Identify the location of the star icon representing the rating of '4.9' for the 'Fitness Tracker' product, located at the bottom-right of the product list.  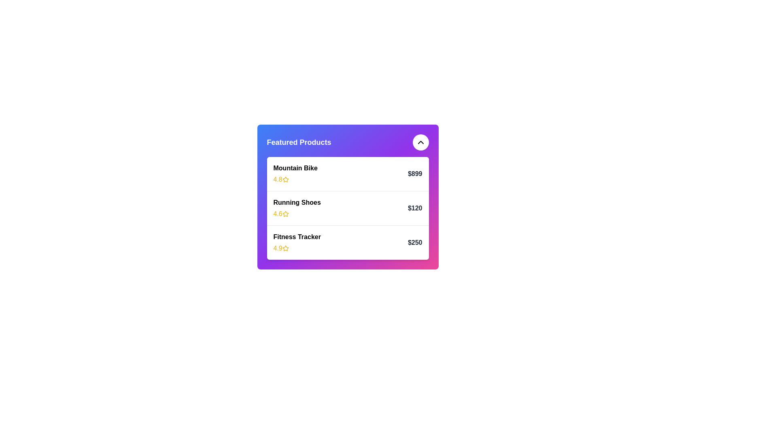
(285, 248).